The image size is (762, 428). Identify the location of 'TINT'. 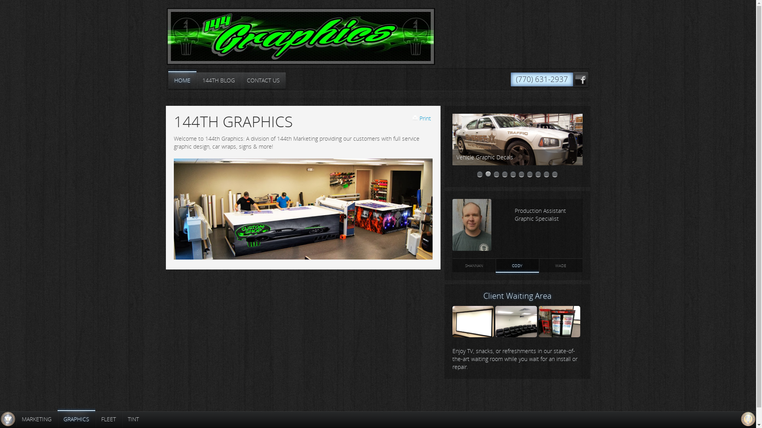
(133, 419).